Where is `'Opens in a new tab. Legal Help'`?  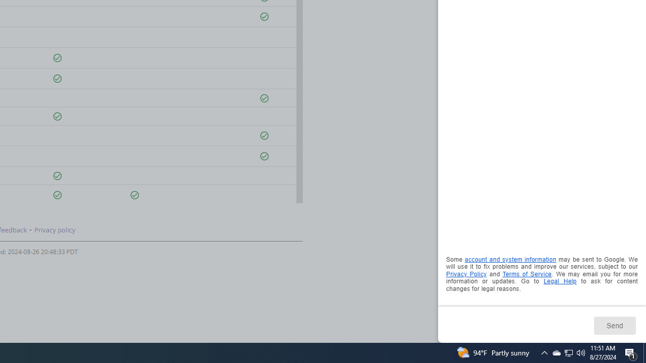 'Opens in a new tab. Legal Help' is located at coordinates (559, 281).